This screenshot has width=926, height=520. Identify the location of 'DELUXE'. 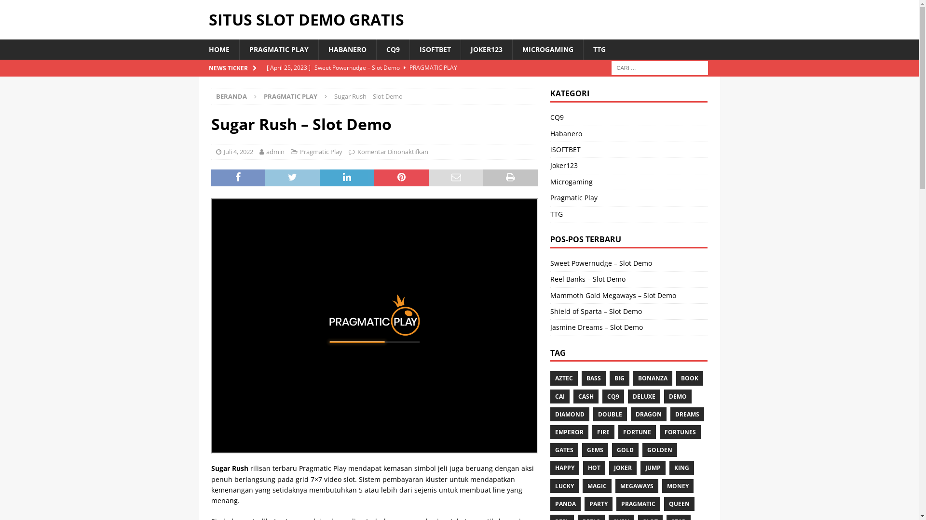
(644, 396).